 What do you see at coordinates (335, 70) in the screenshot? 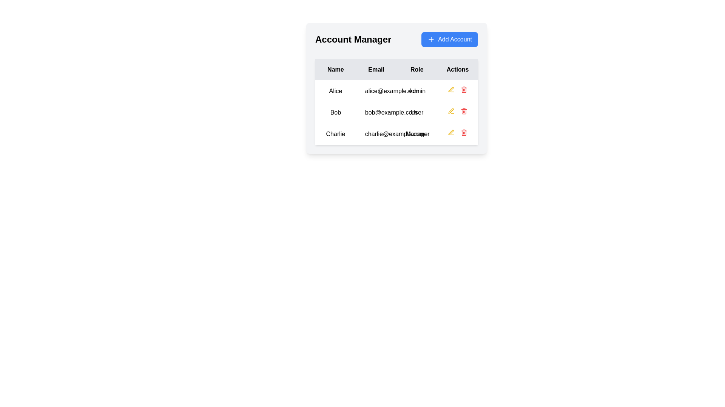
I see `the 'Name' text label header styled in bold, located at the beginning of the header row in the table beneath the 'Account Manager' title` at bounding box center [335, 70].